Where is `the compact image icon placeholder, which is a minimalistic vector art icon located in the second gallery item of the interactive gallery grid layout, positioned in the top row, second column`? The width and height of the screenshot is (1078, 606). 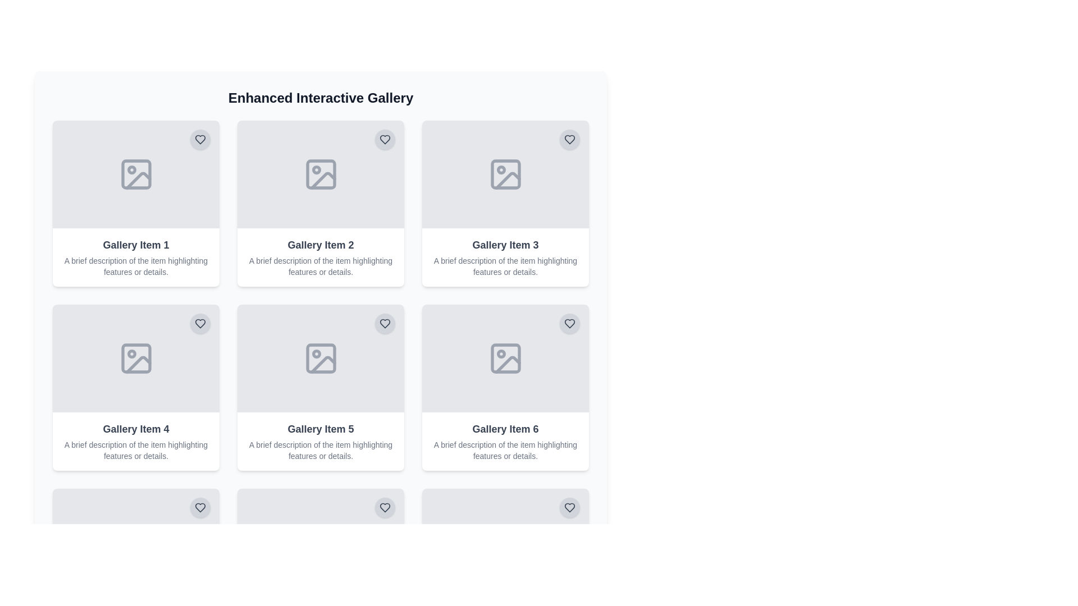
the compact image icon placeholder, which is a minimalistic vector art icon located in the second gallery item of the interactive gallery grid layout, positioned in the top row, second column is located at coordinates (320, 175).